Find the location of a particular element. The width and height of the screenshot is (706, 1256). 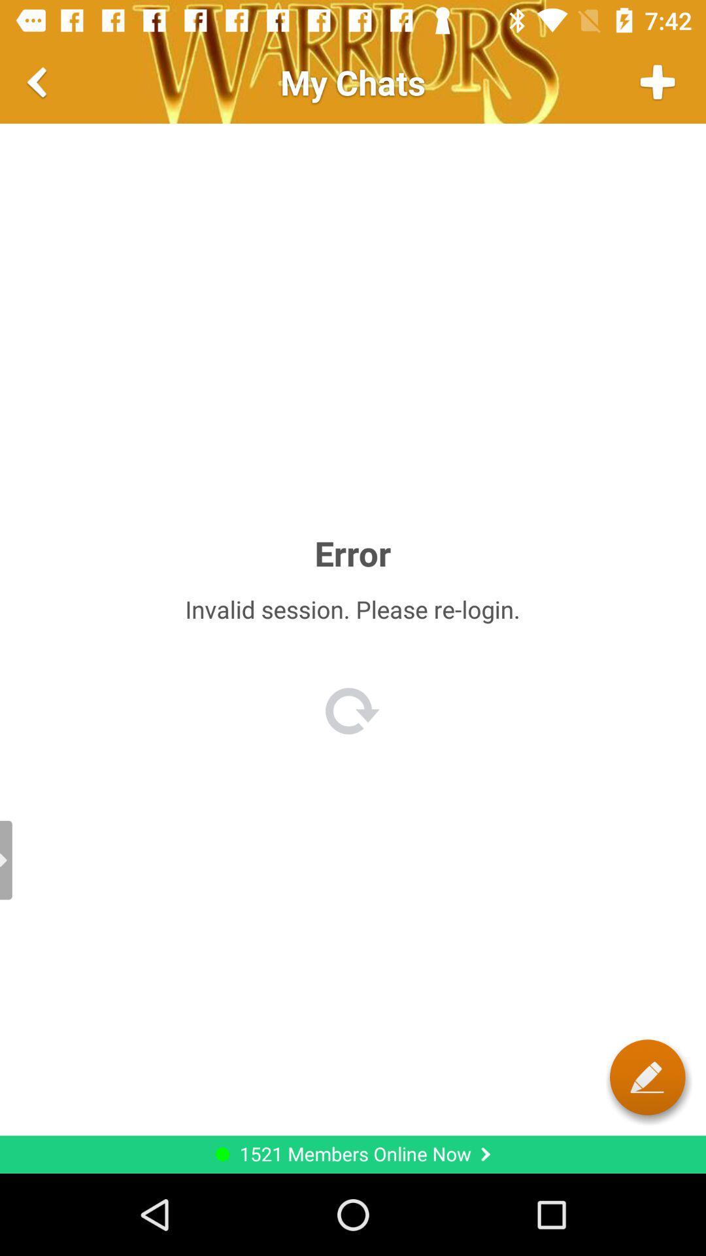

go back is located at coordinates (39, 81).